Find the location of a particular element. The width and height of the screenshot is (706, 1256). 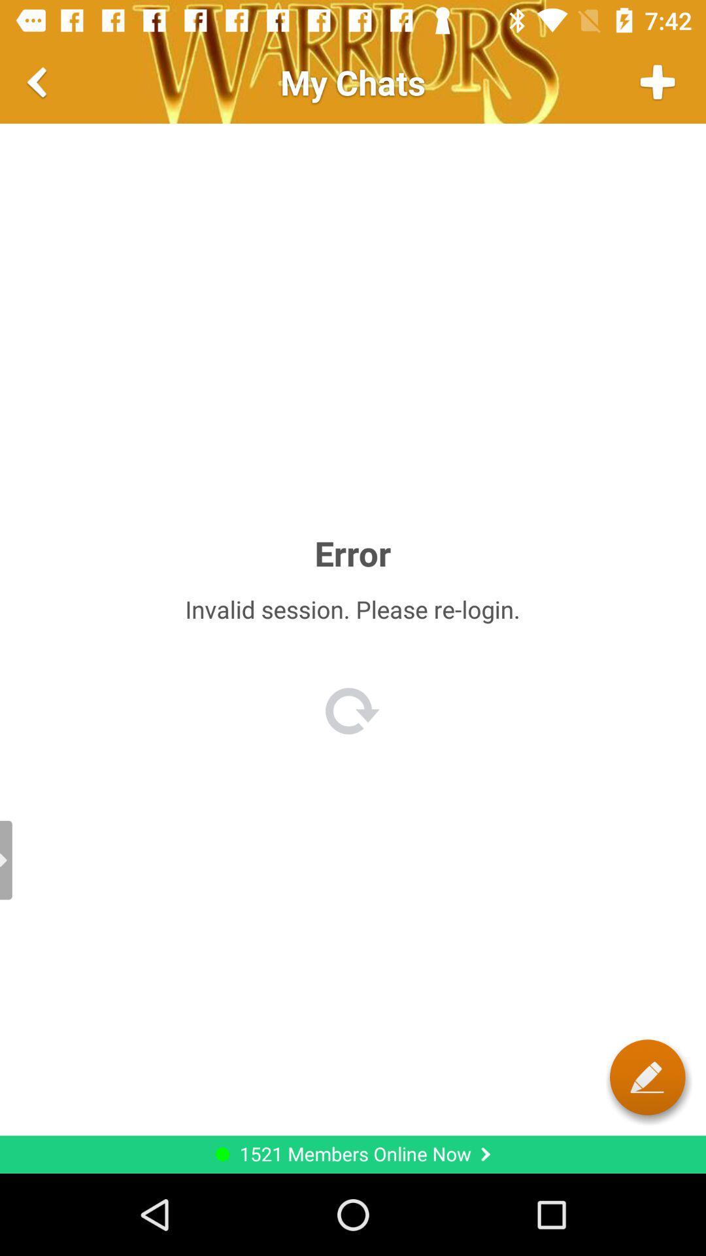

go back is located at coordinates (39, 81).